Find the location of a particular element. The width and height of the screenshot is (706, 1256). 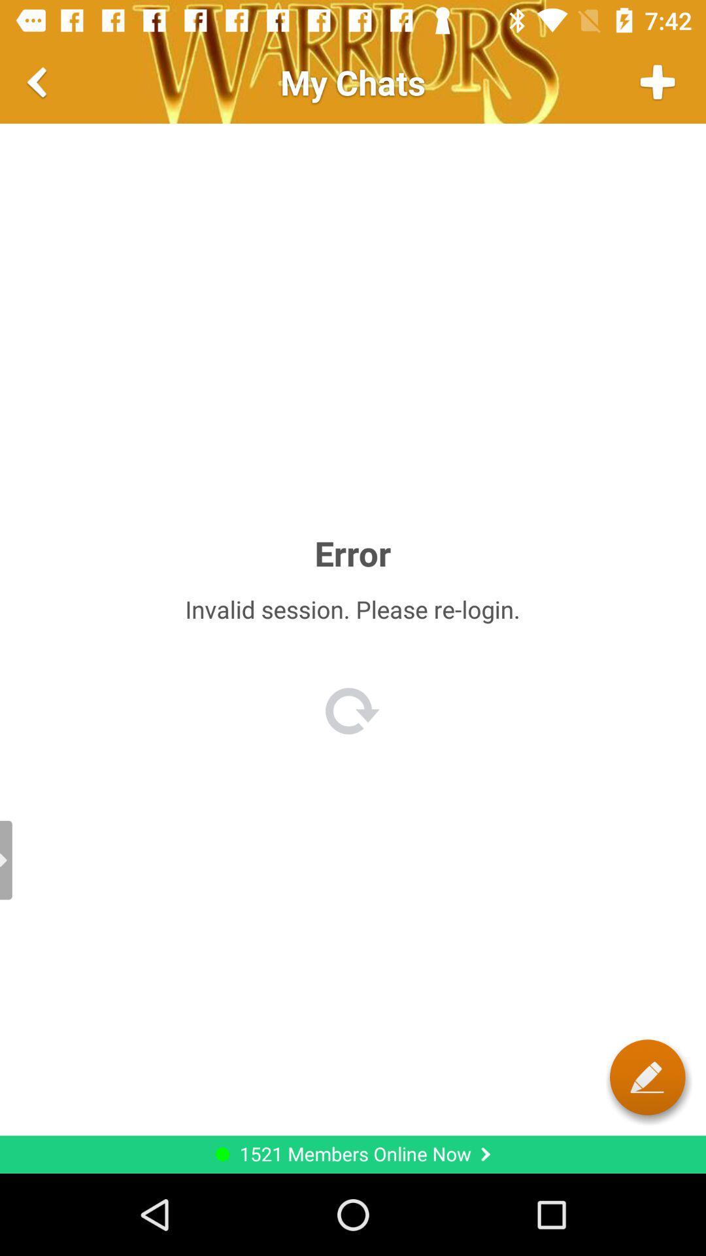

go back is located at coordinates (39, 81).